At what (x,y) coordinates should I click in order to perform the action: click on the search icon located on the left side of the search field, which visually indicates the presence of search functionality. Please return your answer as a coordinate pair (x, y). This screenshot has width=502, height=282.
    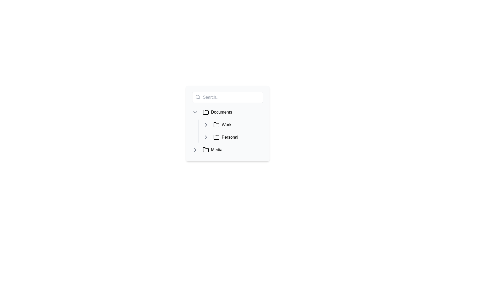
    Looking at the image, I should click on (198, 97).